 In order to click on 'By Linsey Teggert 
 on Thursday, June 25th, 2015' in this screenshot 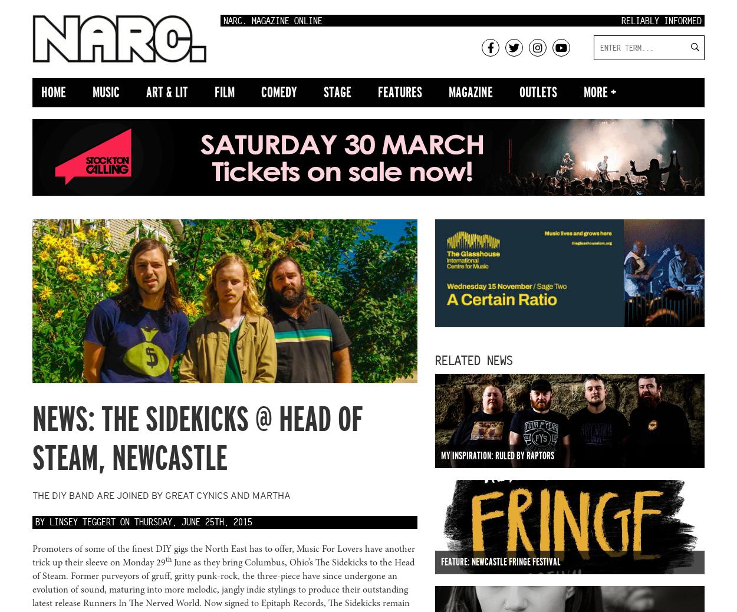, I will do `click(143, 521)`.